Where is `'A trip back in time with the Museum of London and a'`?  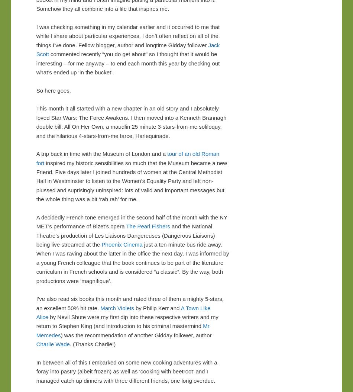 'A trip back in time with the Museum of London and a' is located at coordinates (101, 153).